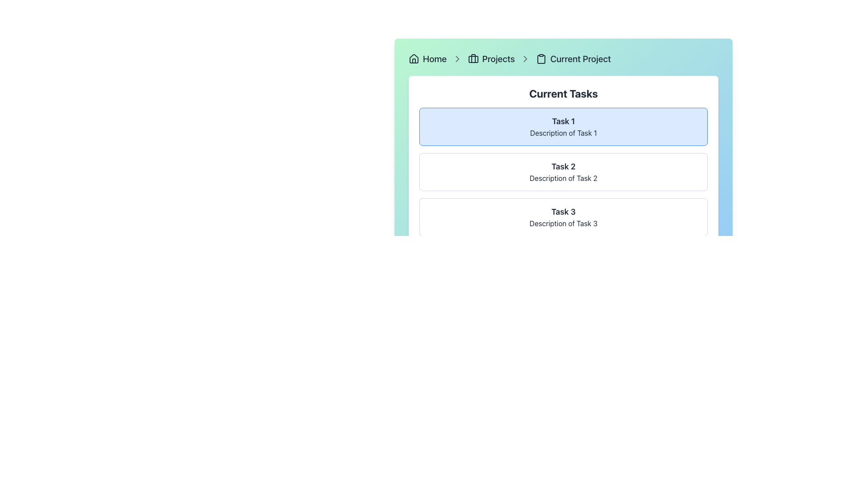 The width and height of the screenshot is (852, 479). Describe the element at coordinates (473, 59) in the screenshot. I see `the 'Projects' icon located in the breadcrumb navigation bar, positioned to the left of the text label 'Projects' and to the right of the home icon` at that location.